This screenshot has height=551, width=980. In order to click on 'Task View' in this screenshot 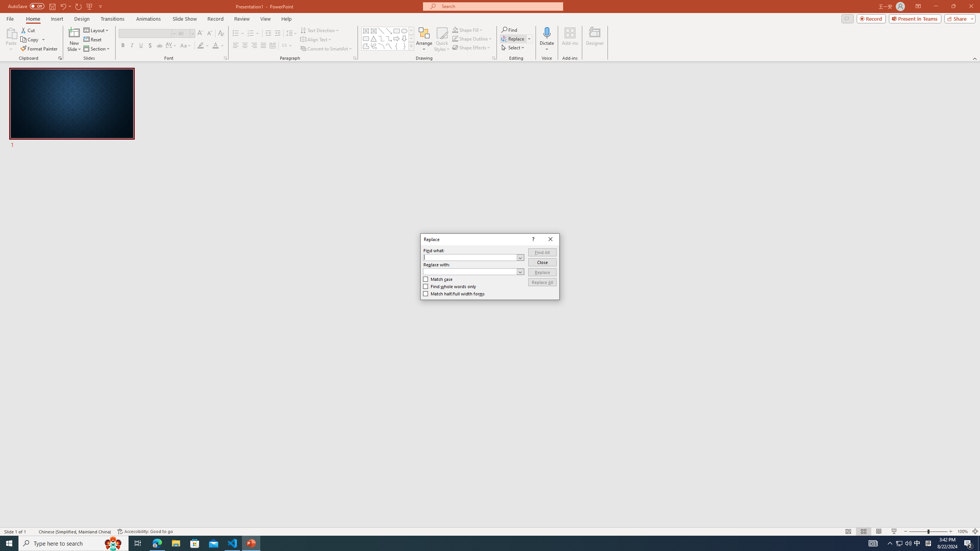, I will do `click(137, 543)`.